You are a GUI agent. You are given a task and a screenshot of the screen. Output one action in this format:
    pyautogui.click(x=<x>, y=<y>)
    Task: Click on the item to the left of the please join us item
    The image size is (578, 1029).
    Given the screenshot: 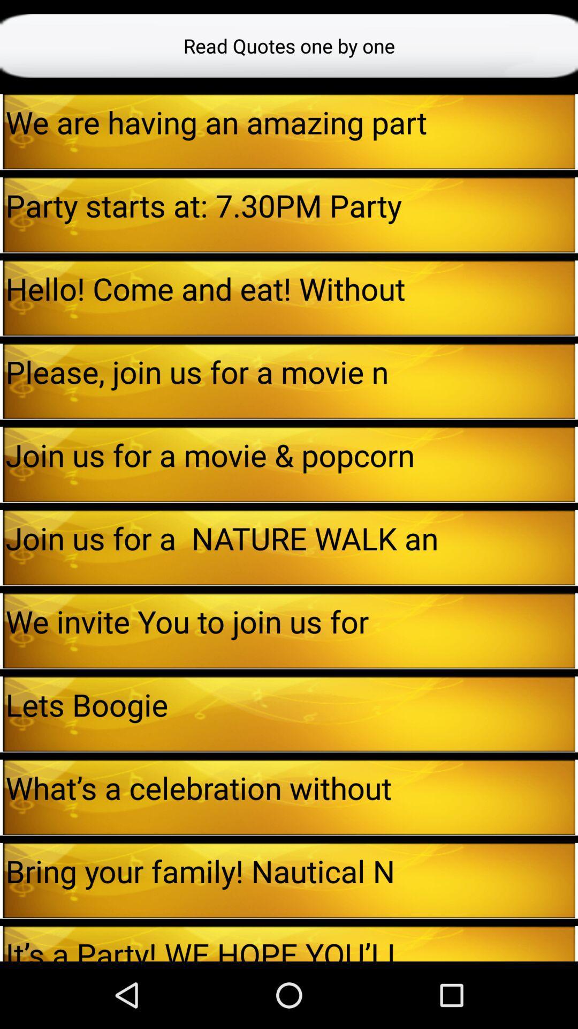 What is the action you would take?
    pyautogui.click(x=1, y=381)
    